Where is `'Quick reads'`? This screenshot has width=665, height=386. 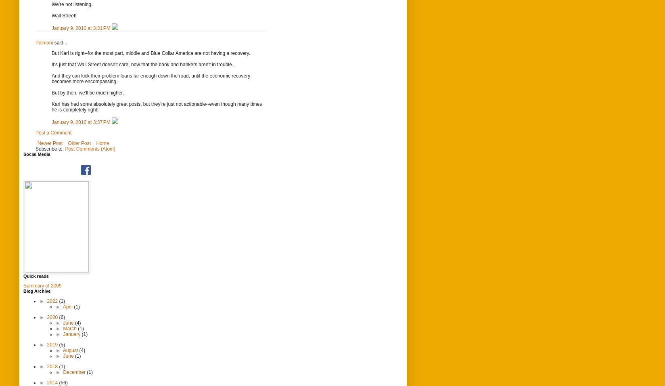 'Quick reads' is located at coordinates (36, 275).